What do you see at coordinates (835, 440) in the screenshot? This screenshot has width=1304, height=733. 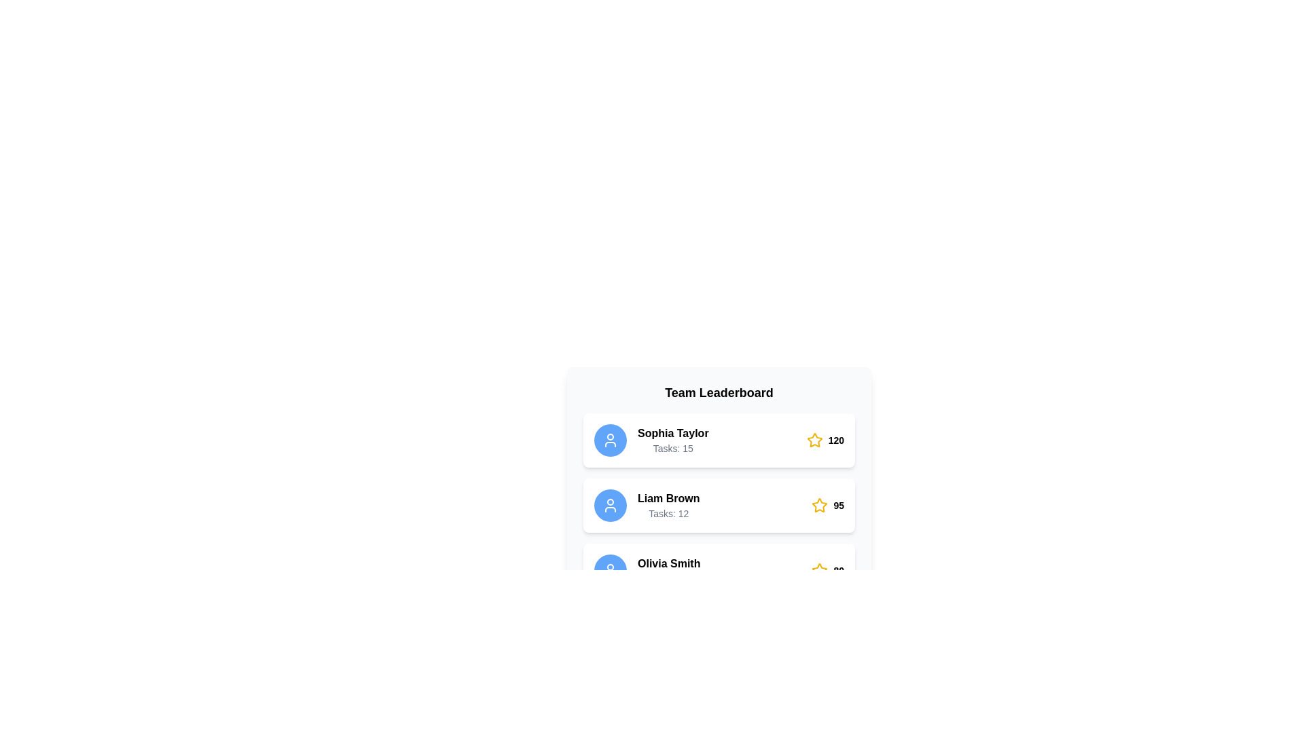 I see `the numeric score text next to the yellow star icon for 'Sophia Taylor' on the leaderboard` at bounding box center [835, 440].